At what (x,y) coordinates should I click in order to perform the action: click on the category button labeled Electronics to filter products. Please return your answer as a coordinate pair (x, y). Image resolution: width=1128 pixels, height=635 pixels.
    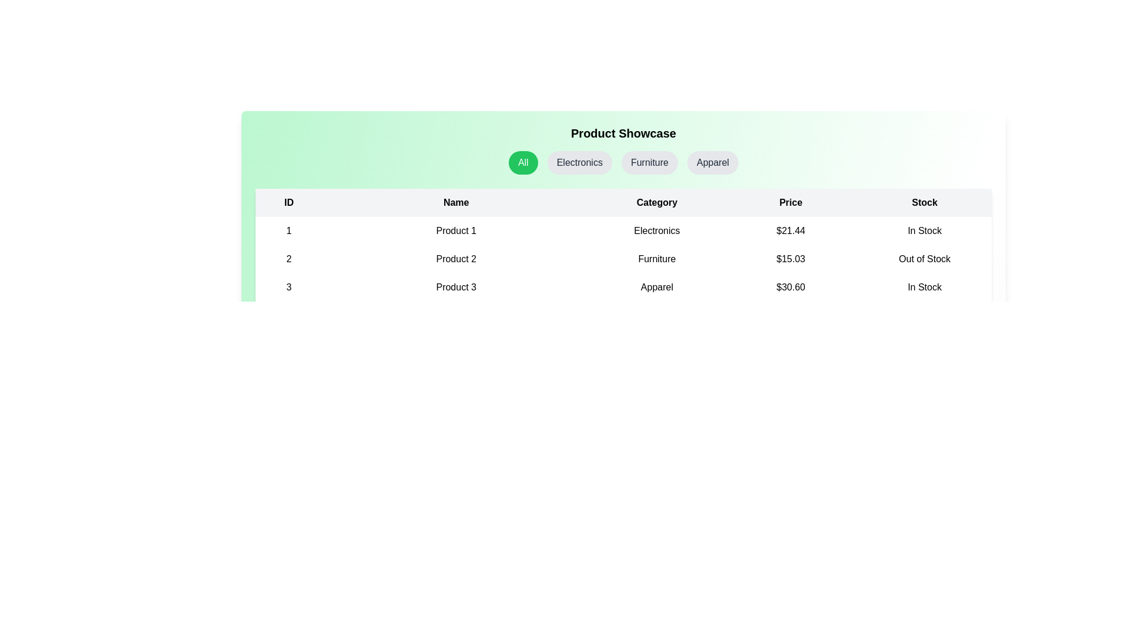
    Looking at the image, I should click on (579, 163).